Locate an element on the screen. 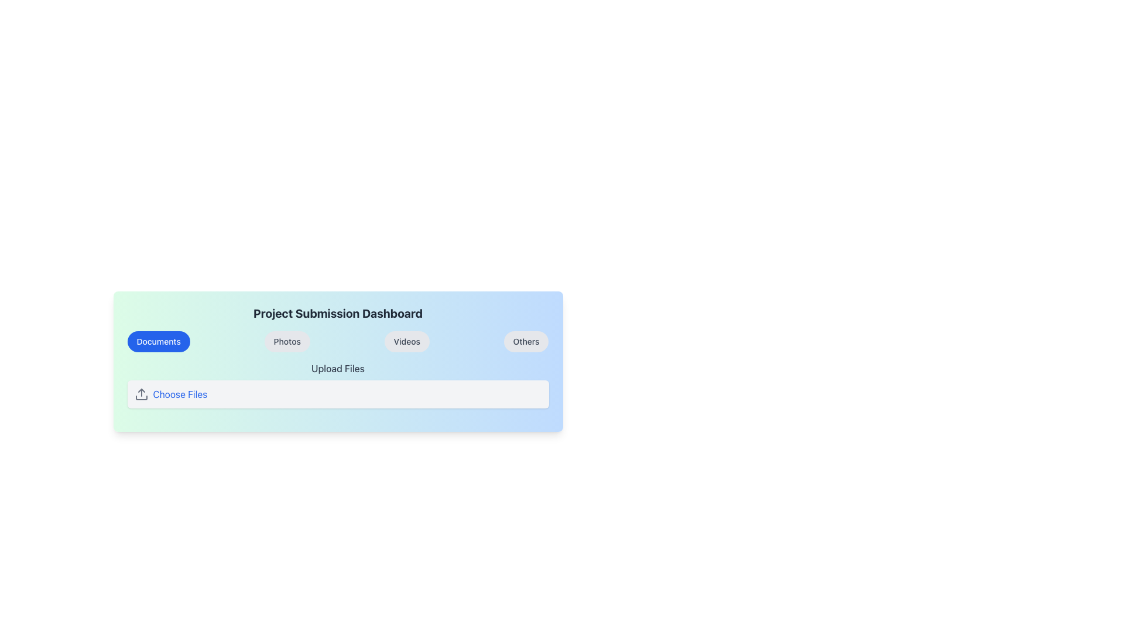  the file selection button styled as a text link, located within a rounded box with a light-gray background, to observe the pointer cursor change is located at coordinates (179, 394).